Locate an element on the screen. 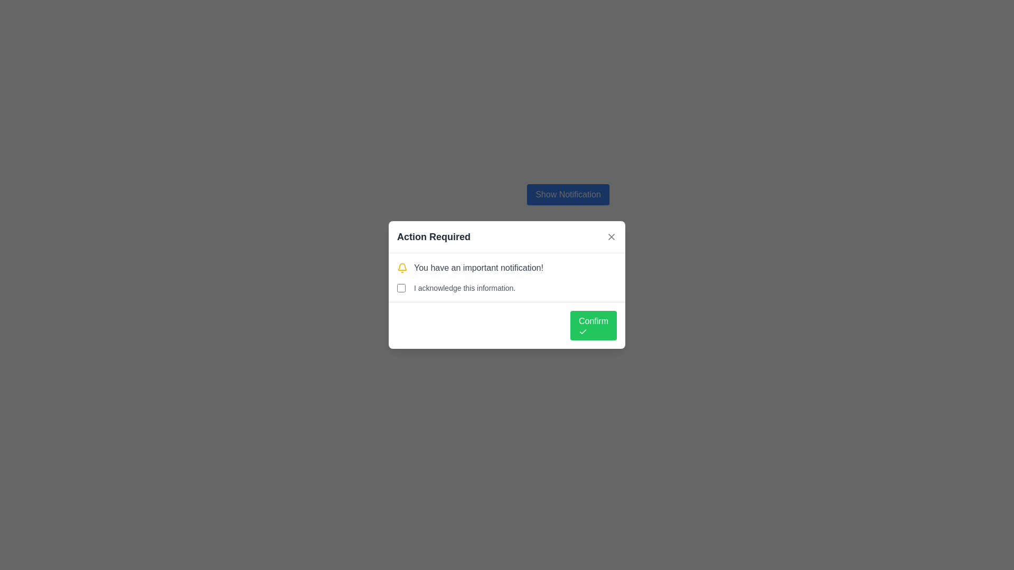 The width and height of the screenshot is (1014, 570). the confirm button located in the bottom-right corner of the 'Action Required' dialog box to trigger the hover effect is located at coordinates (593, 325).